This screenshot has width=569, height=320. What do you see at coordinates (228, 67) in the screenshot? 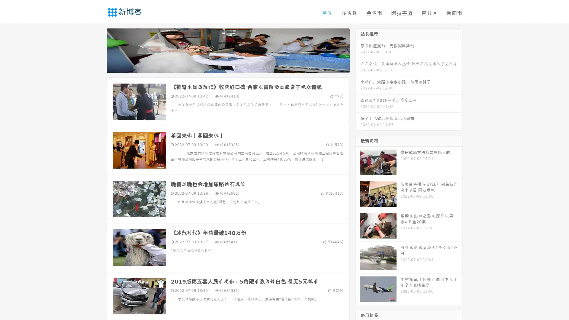
I see `Go to slide 2` at bounding box center [228, 67].